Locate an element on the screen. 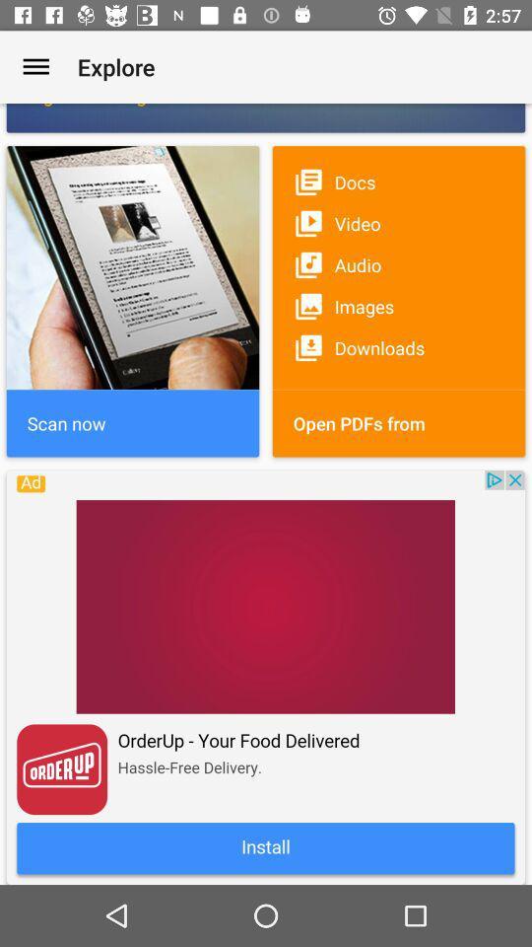 This screenshot has height=947, width=532. the image option is located at coordinates (399, 307).